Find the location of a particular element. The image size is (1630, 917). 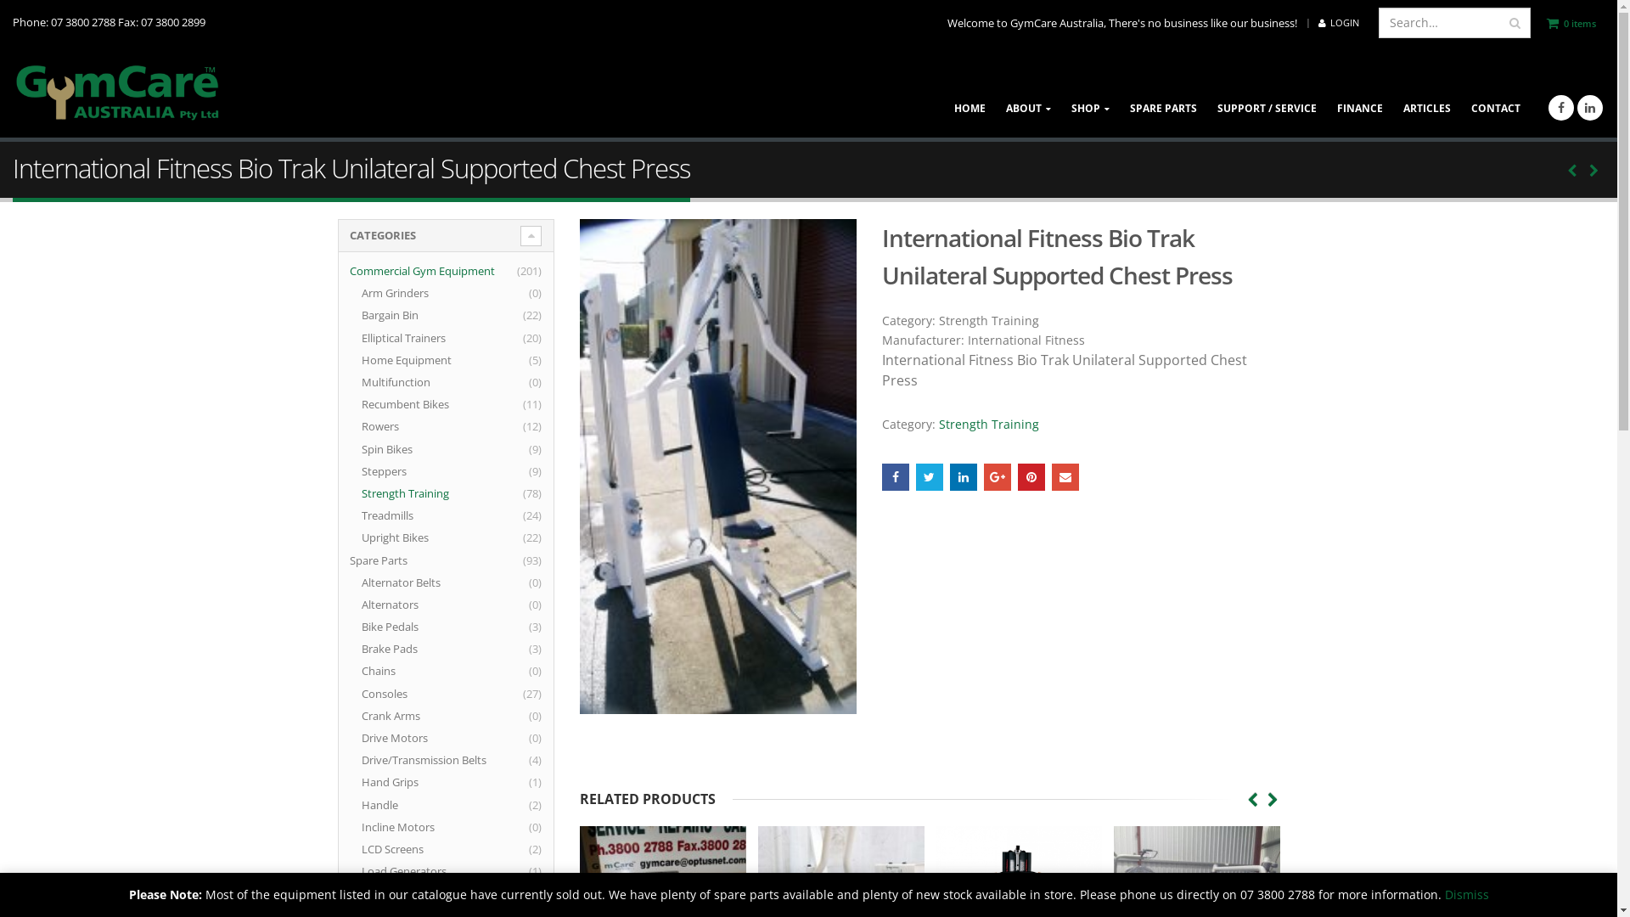

'Recumbent Bikes' is located at coordinates (415, 403).